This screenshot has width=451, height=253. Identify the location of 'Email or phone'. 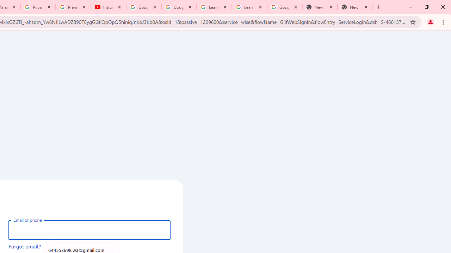
(89, 230).